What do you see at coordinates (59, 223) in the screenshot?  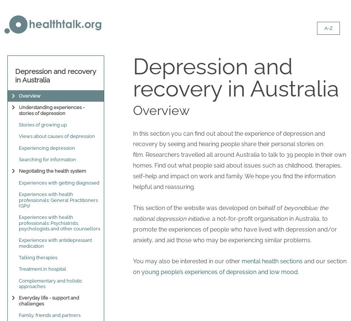 I see `'Experiences with health professionals: Psychiatrists, psychologists and other counsellors'` at bounding box center [59, 223].